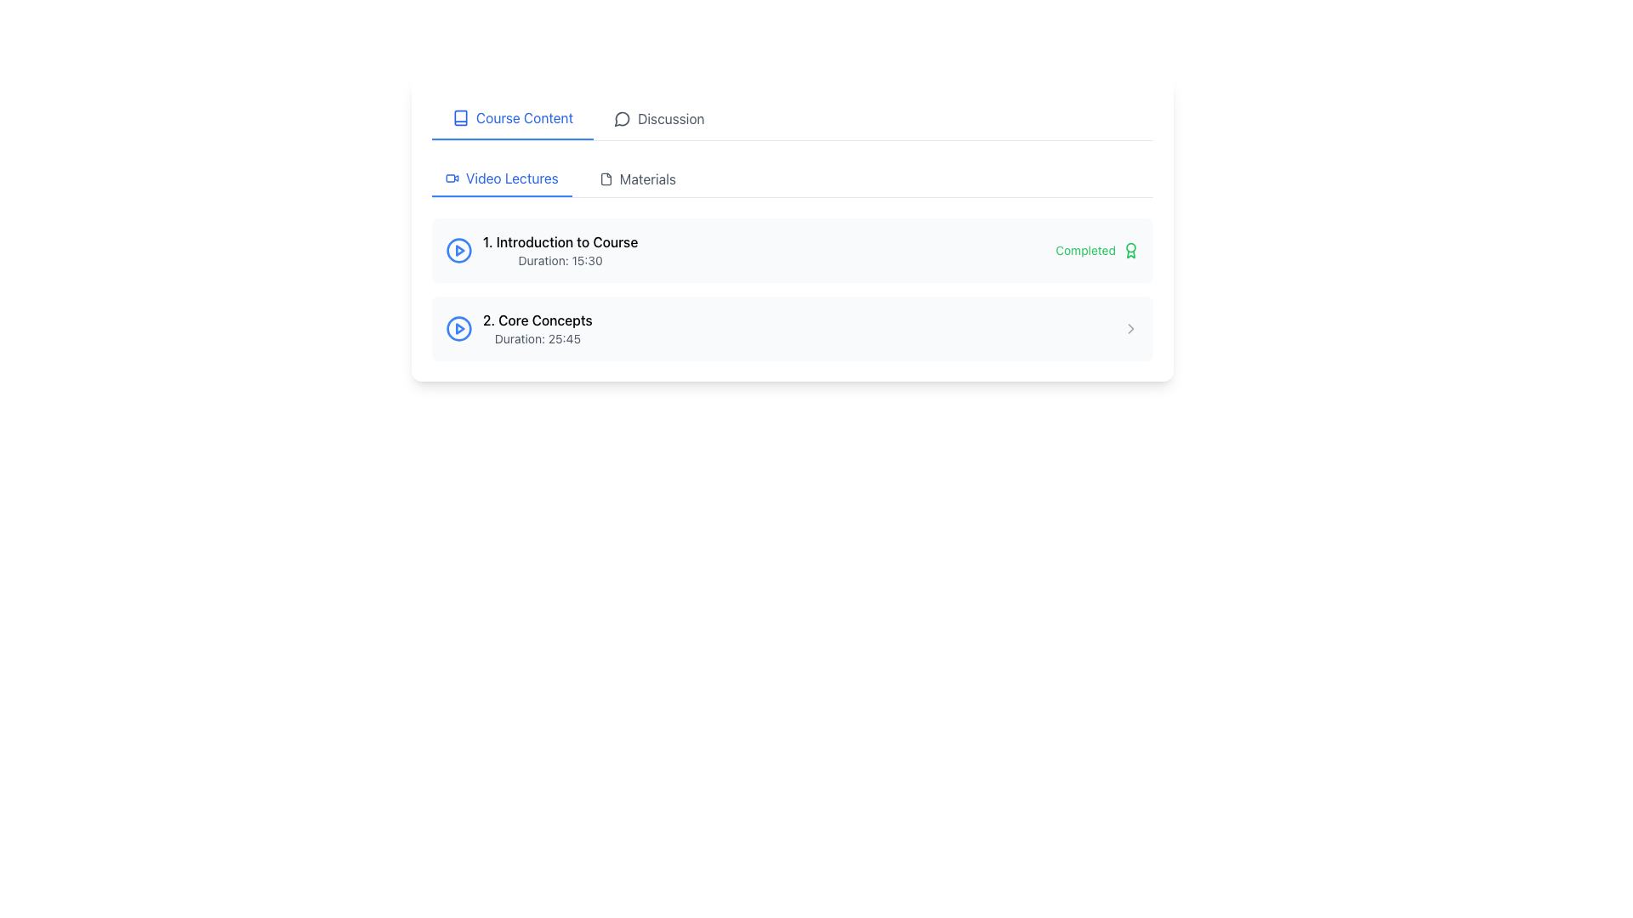 The width and height of the screenshot is (1633, 918). I want to click on the 'Completed' text label, which indicates that a task or course segment has been completed, so click(1084, 250).